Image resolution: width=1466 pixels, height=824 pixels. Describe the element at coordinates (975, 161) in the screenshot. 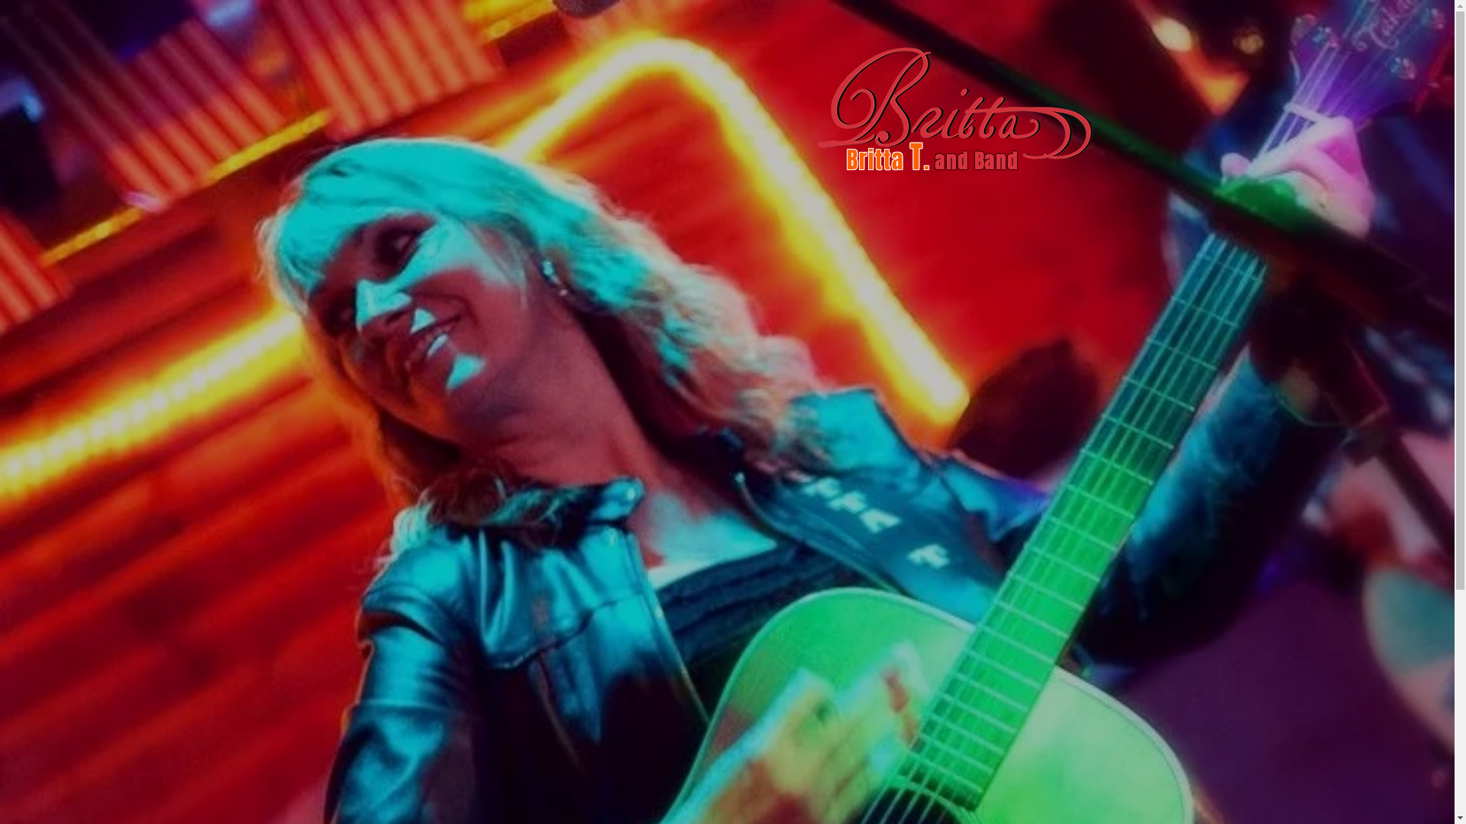

I see `'and Band'` at that location.